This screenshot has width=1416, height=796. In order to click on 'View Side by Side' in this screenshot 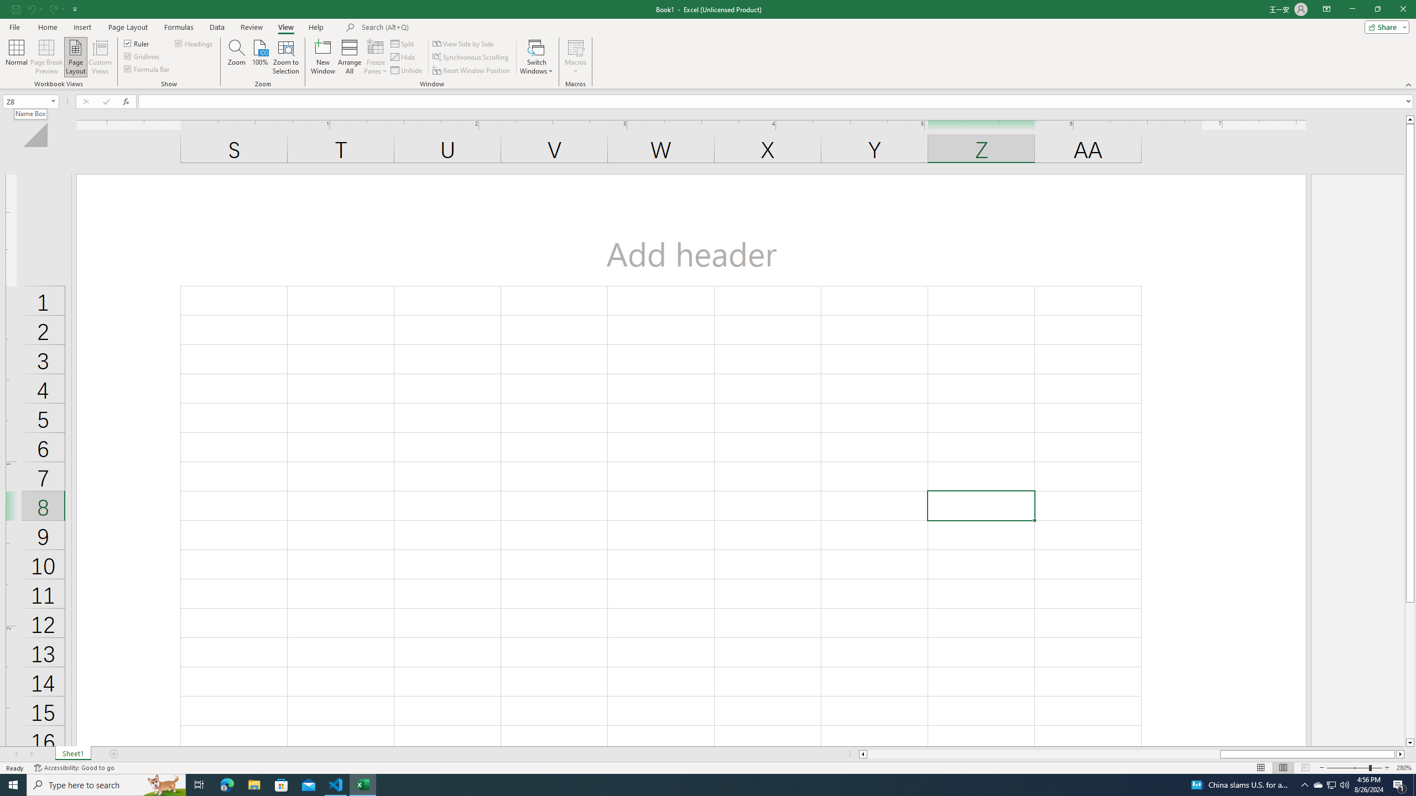, I will do `click(463, 43)`.